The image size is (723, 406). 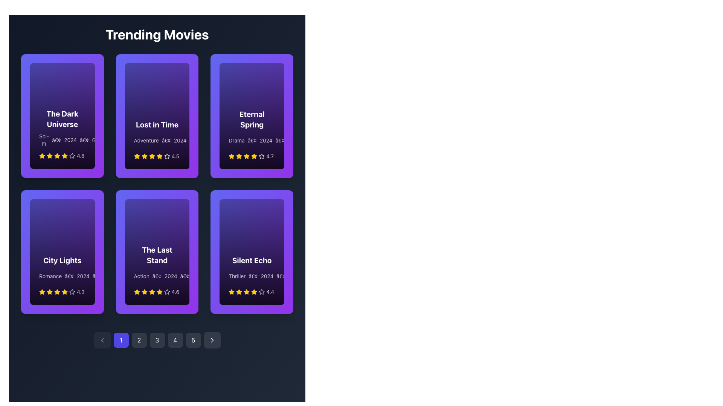 What do you see at coordinates (65, 291) in the screenshot?
I see `the fifth yellow star icon` at bounding box center [65, 291].